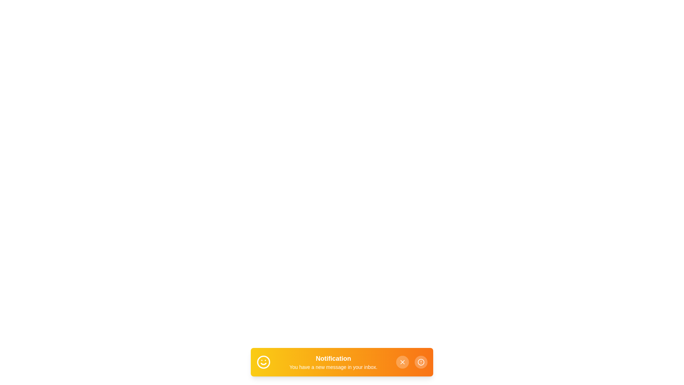  Describe the element at coordinates (402, 362) in the screenshot. I see `the close button of the EnhancedSnackbar component` at that location.